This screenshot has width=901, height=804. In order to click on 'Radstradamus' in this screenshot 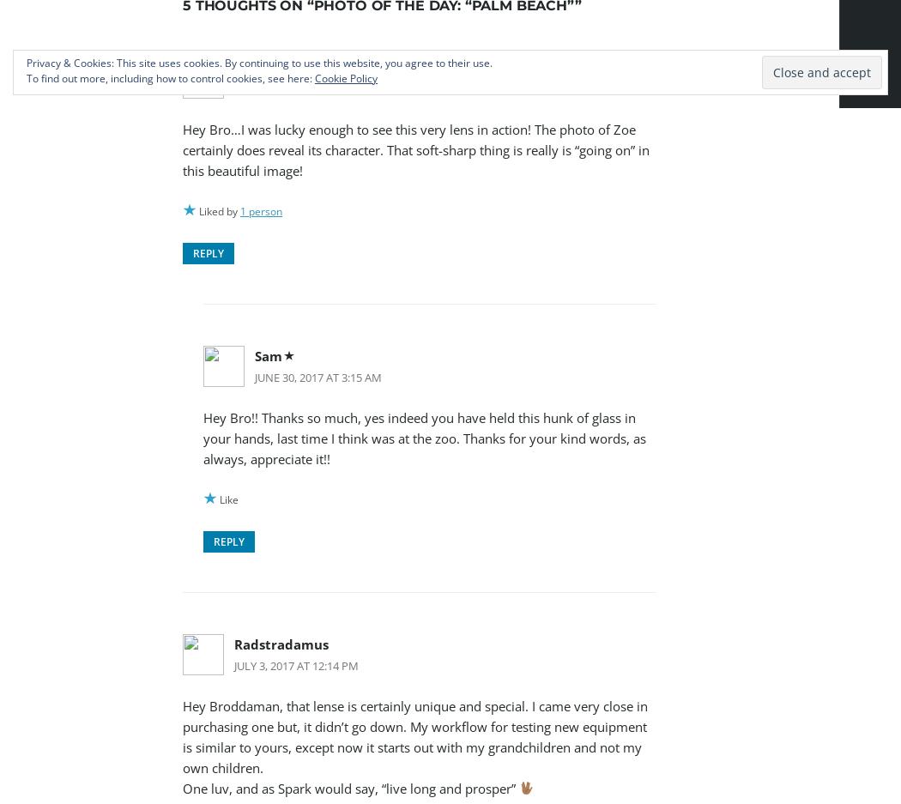, I will do `click(281, 642)`.